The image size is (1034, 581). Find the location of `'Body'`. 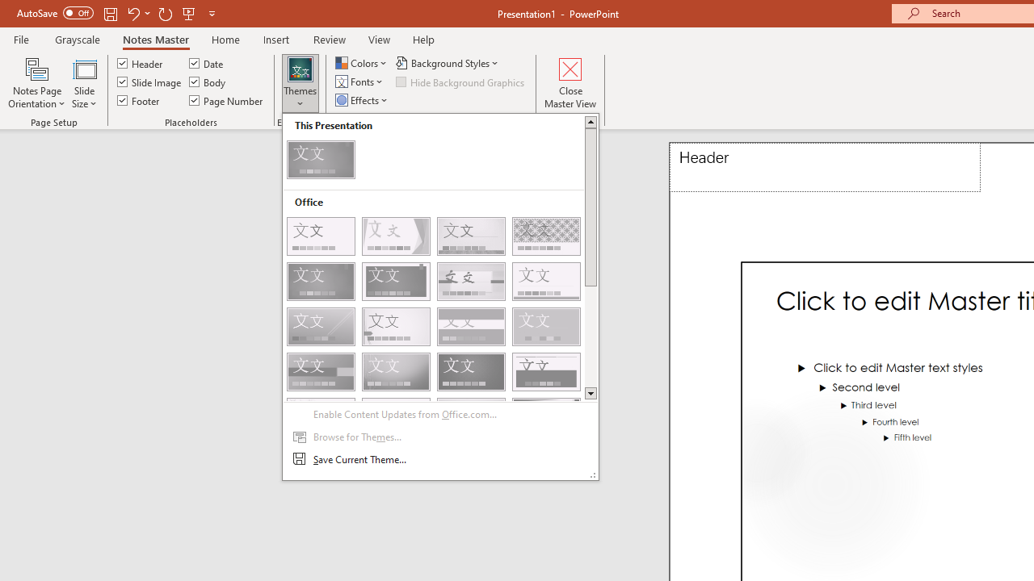

'Body' is located at coordinates (207, 82).